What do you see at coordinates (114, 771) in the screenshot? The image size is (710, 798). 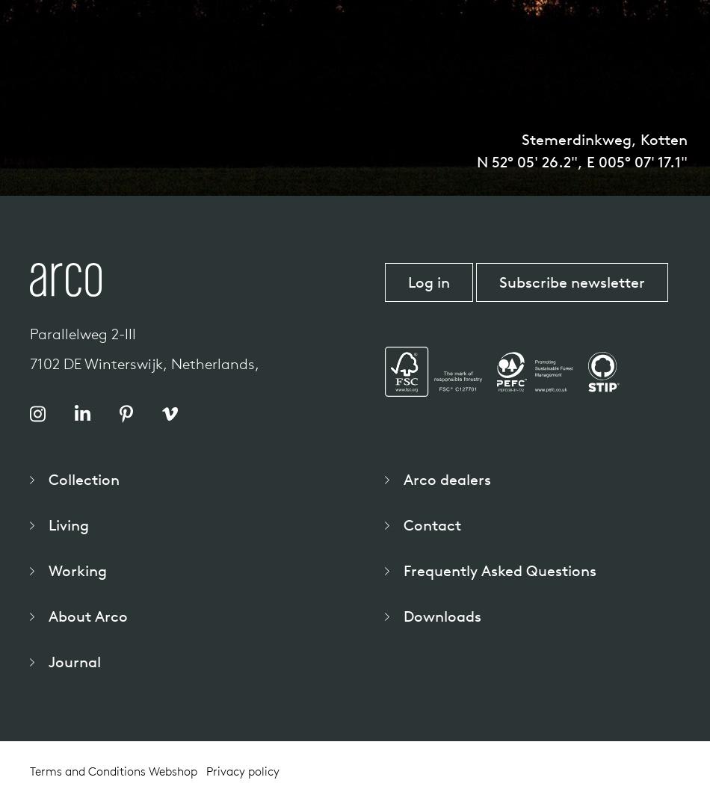 I see `'Terms and Conditions Webshop'` at bounding box center [114, 771].